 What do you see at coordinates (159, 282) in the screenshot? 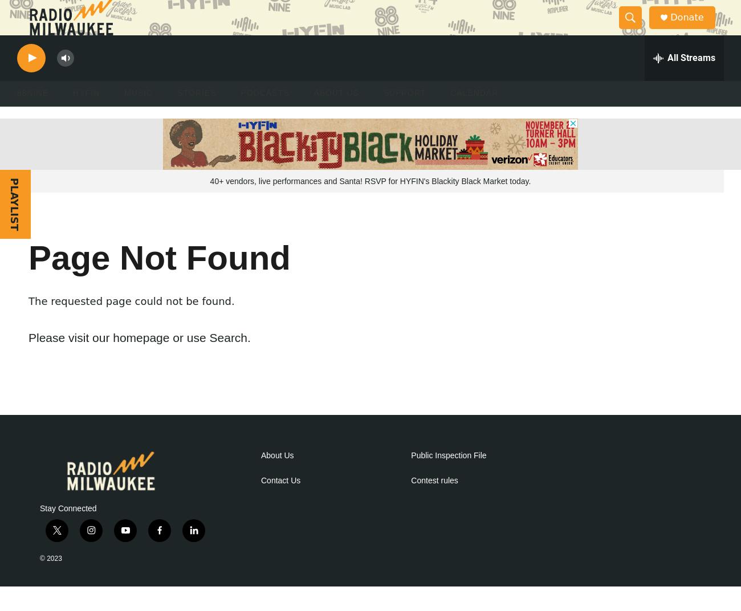
I see `'Page Not Found'` at bounding box center [159, 282].